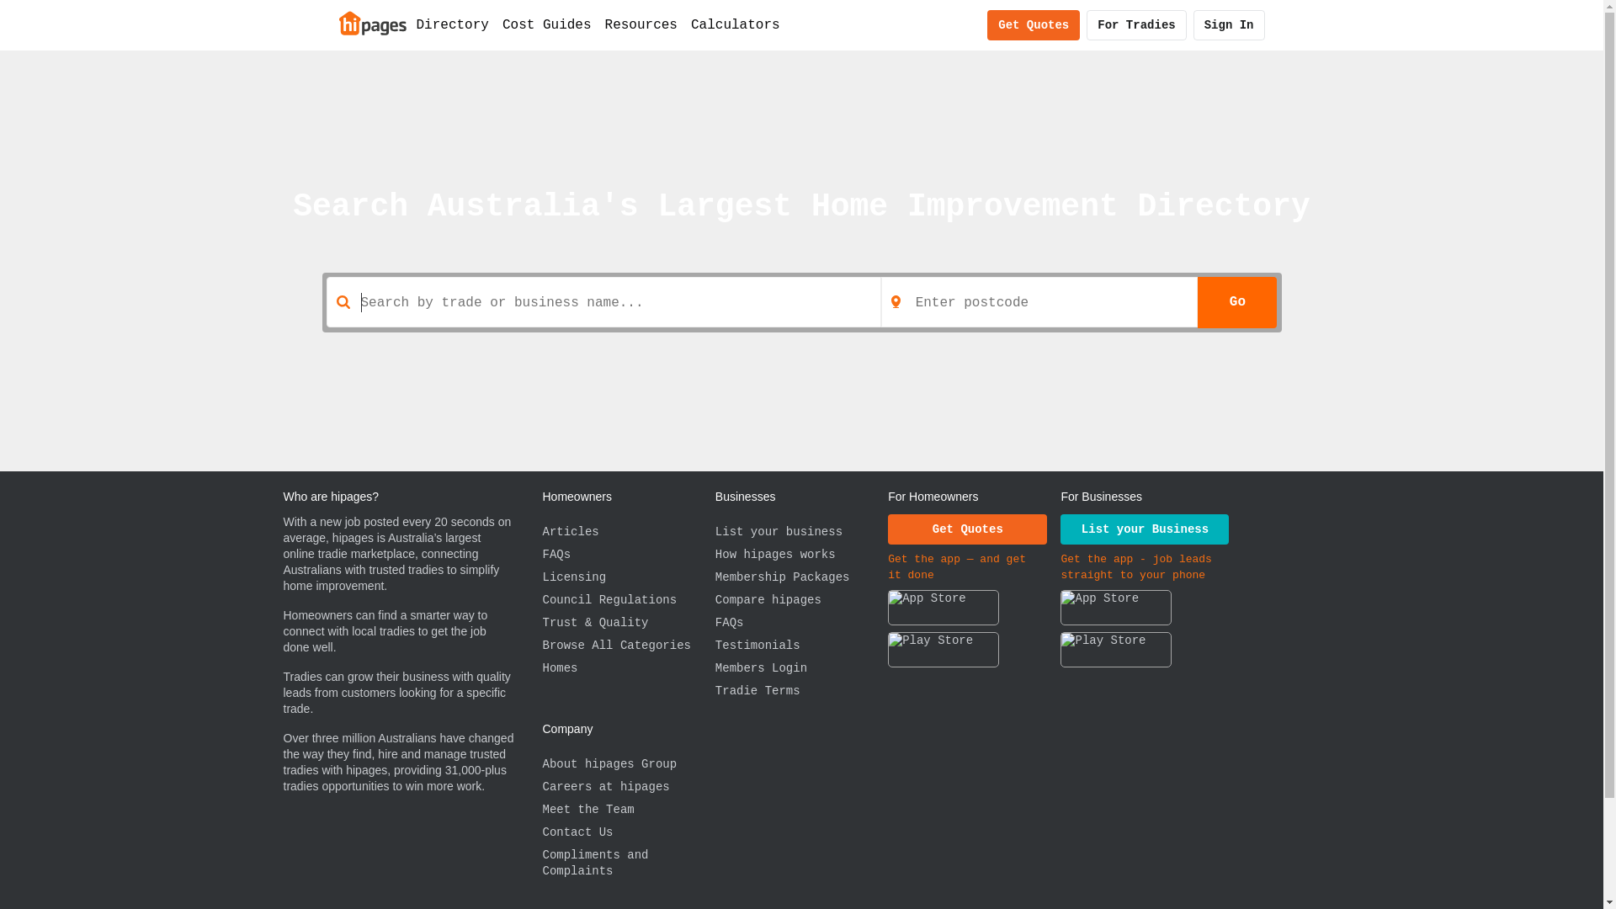 This screenshot has height=909, width=1616. What do you see at coordinates (800, 691) in the screenshot?
I see `'Tradie Terms'` at bounding box center [800, 691].